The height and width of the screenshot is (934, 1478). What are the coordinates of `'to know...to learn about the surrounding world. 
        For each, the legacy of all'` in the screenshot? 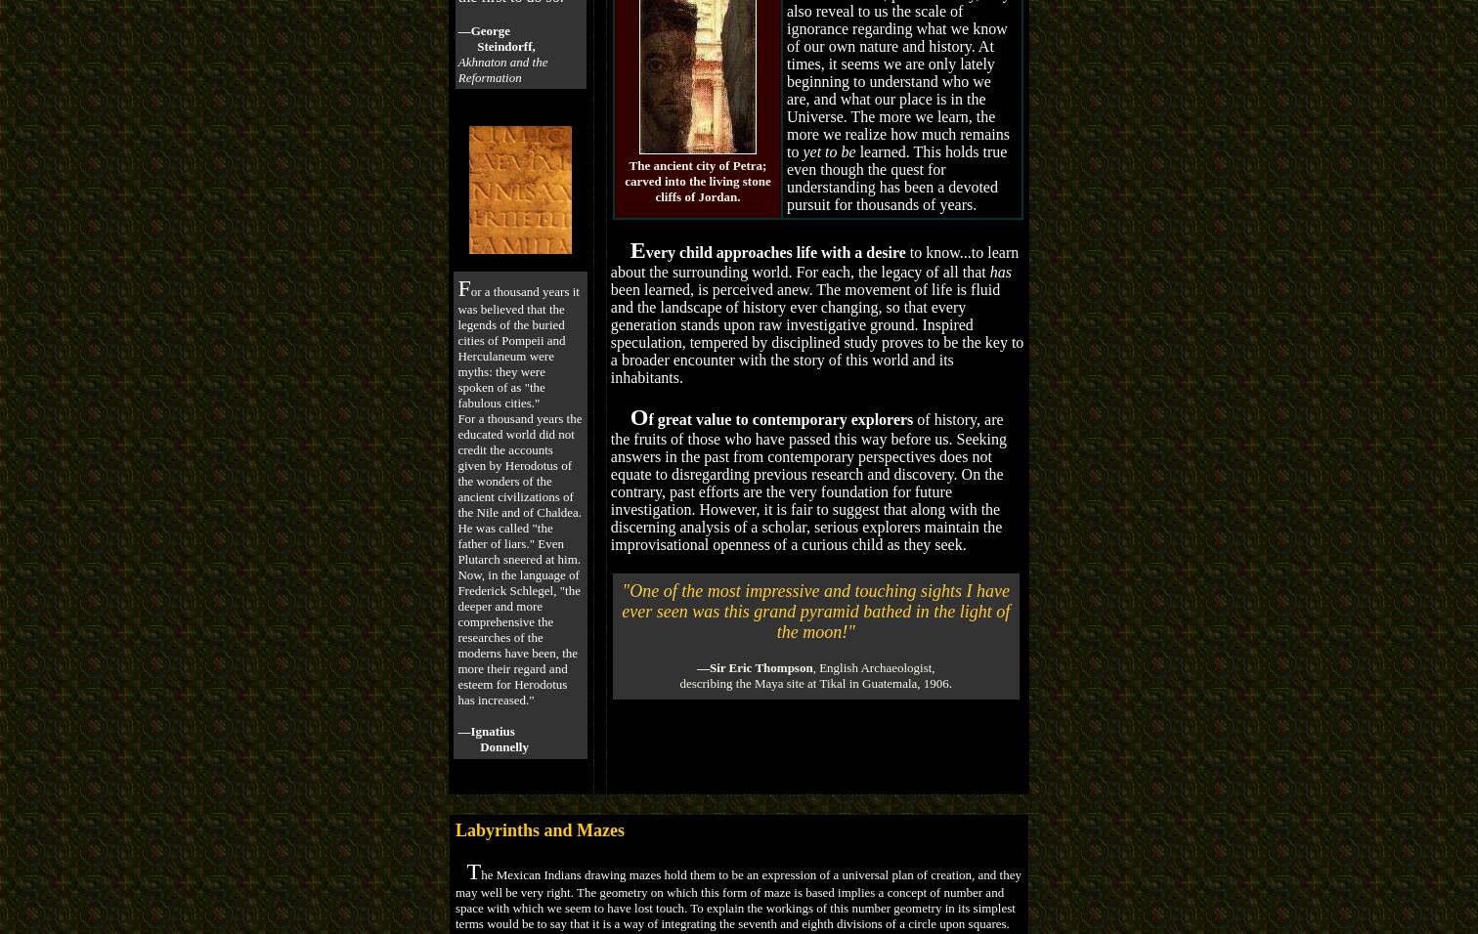 It's located at (813, 260).